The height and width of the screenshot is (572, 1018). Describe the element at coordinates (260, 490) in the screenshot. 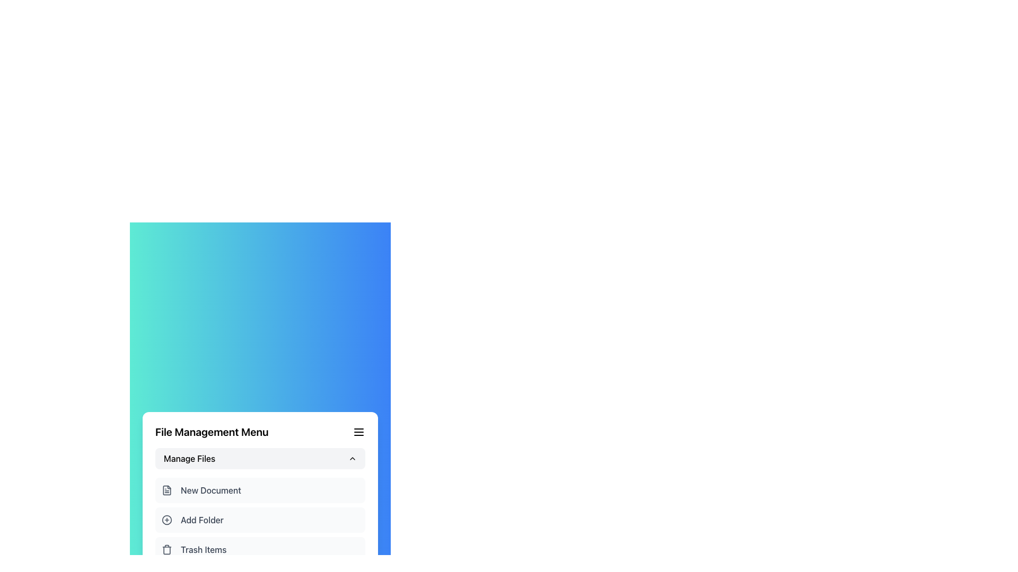

I see `the 'Create New Document' button located at the top of the file management menu` at that location.